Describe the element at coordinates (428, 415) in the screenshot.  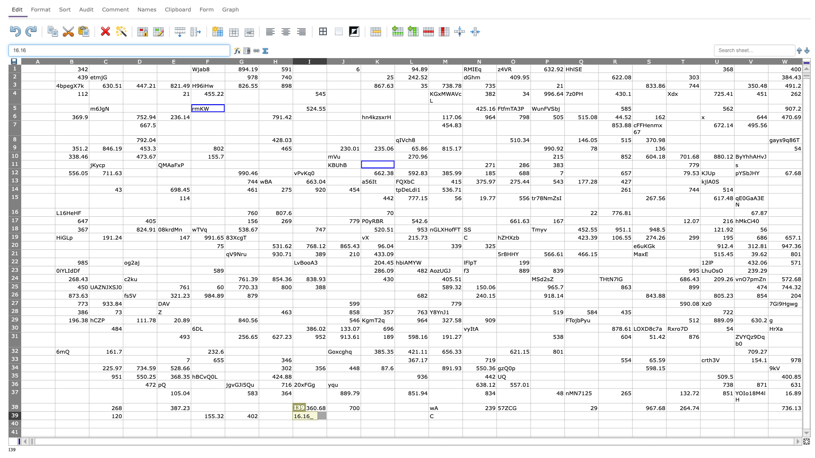
I see `Left boundary of cell M39` at that location.